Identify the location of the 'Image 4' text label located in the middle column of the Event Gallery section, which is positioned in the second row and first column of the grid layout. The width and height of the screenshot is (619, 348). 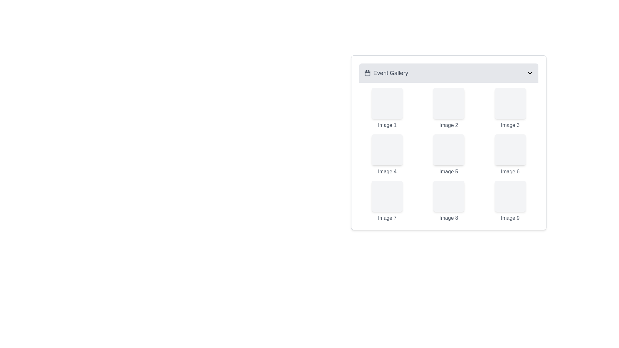
(387, 171).